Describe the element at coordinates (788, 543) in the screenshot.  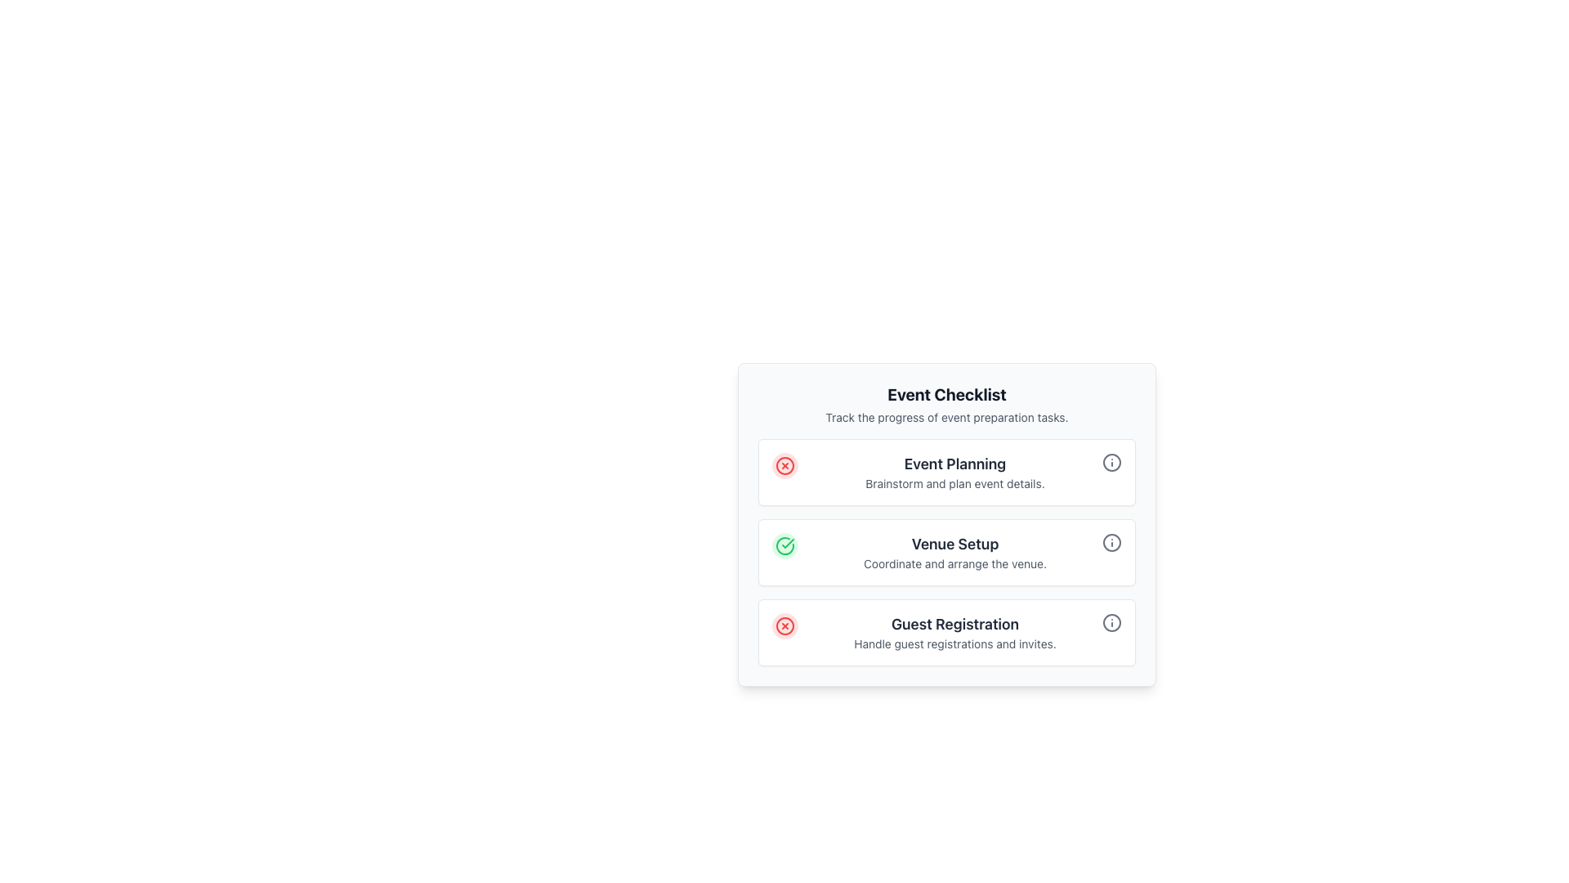
I see `the green checkmark icon in the 'Venue Setup' row of the Event Checklist, which signifies completion or affirmation` at that location.